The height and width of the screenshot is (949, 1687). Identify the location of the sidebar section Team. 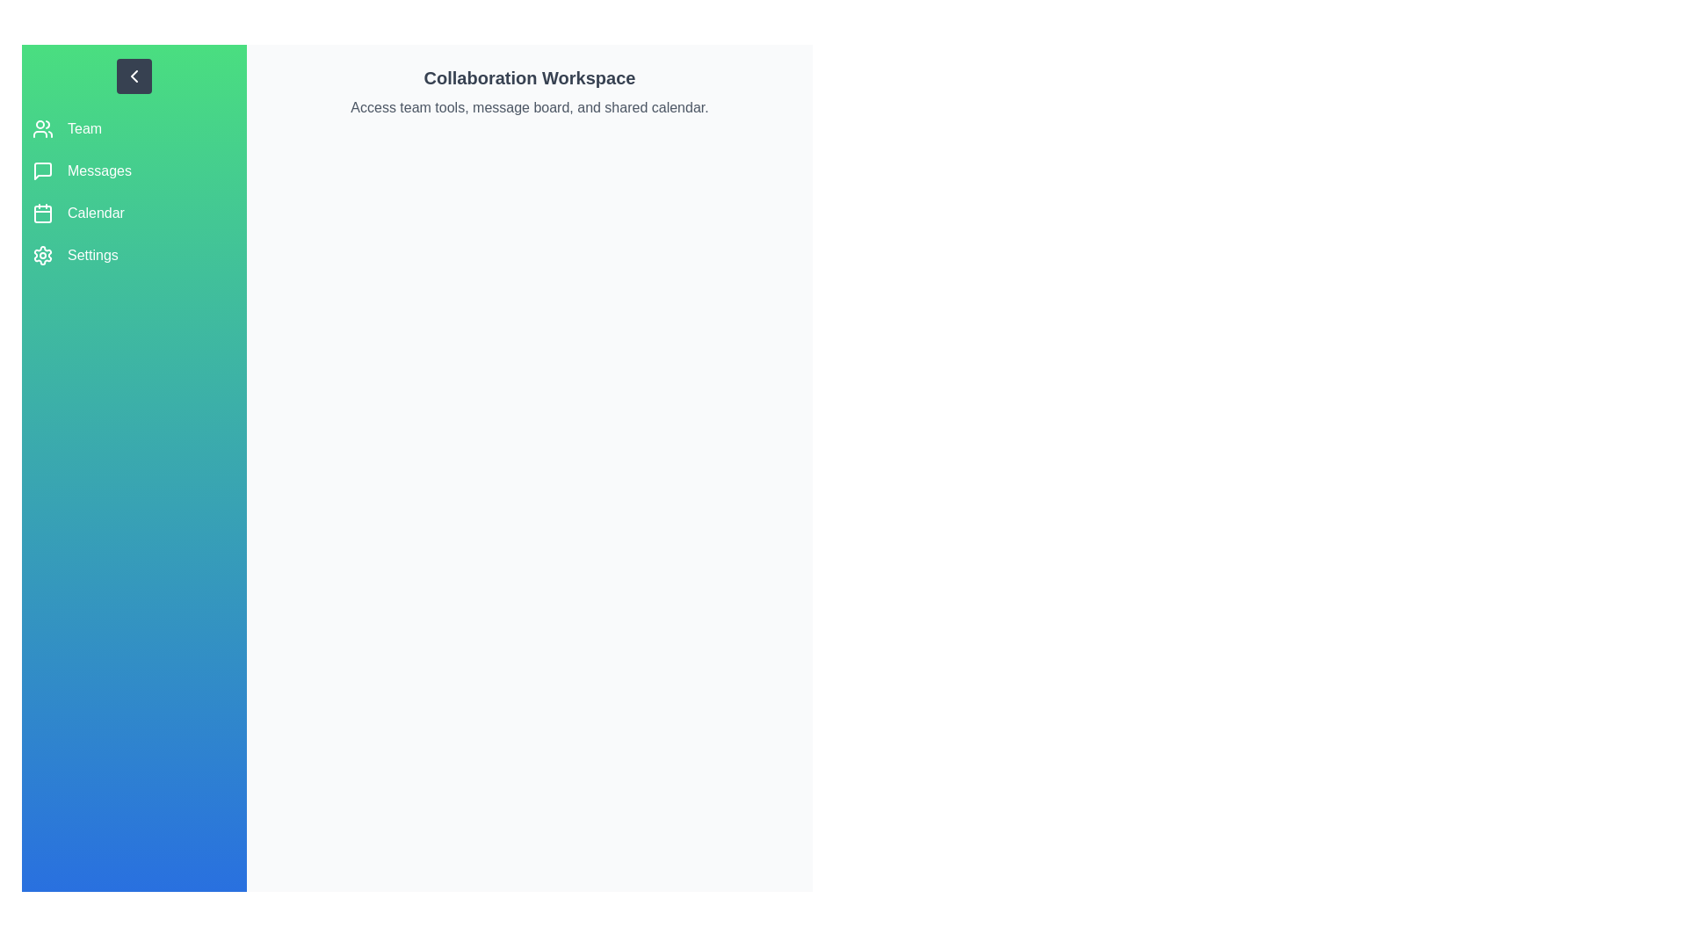
(134, 127).